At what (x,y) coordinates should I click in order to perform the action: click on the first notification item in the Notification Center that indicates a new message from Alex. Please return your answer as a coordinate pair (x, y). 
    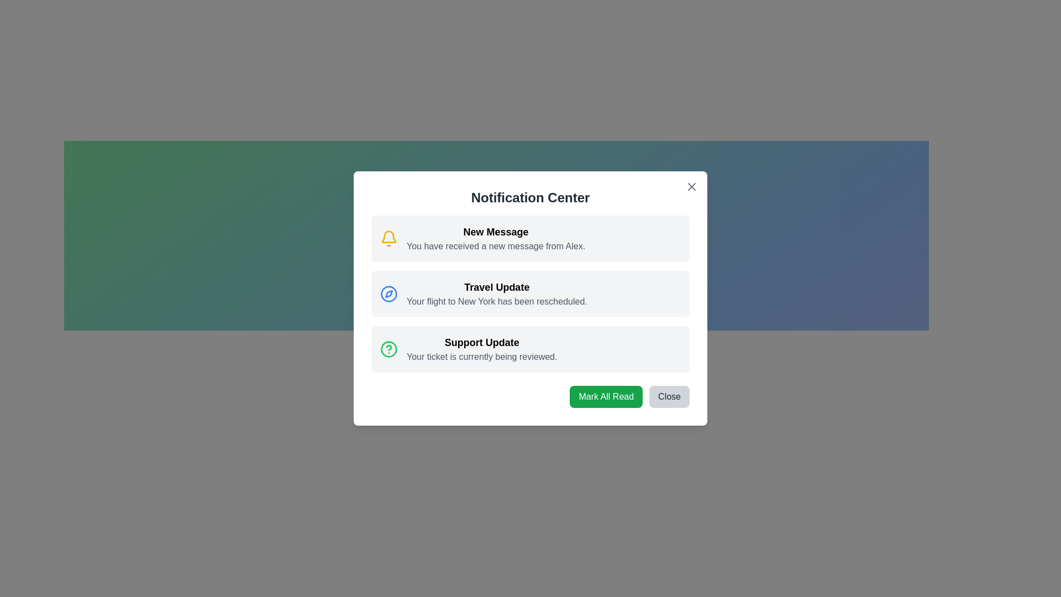
    Looking at the image, I should click on (495, 238).